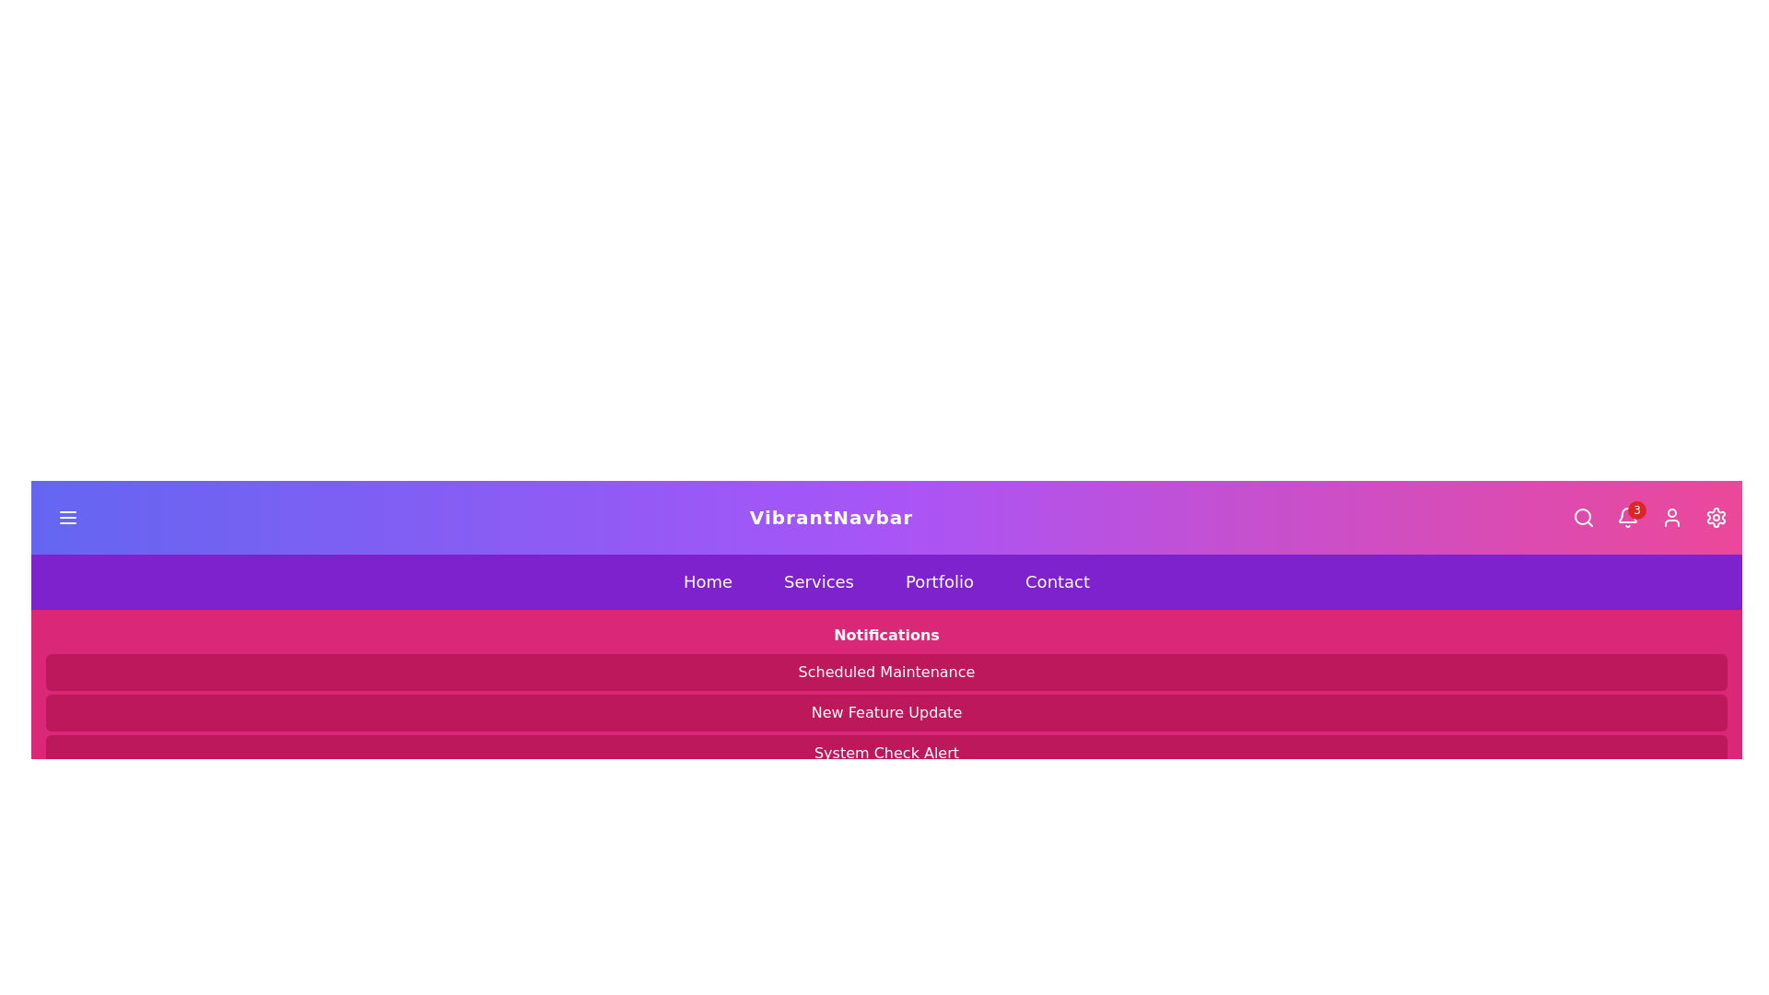 The height and width of the screenshot is (995, 1769). Describe the element at coordinates (1715, 518) in the screenshot. I see `the gear-shaped settings icon located at the far-right corner of the top navigation bar` at that location.